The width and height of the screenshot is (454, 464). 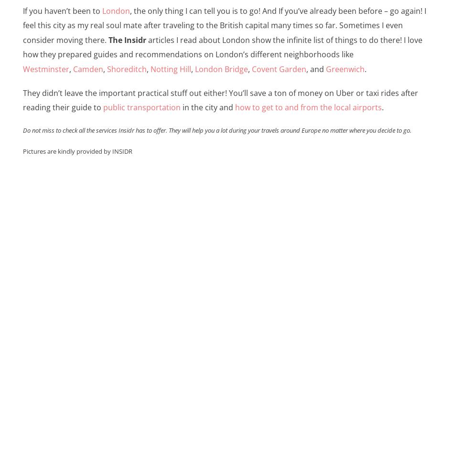 What do you see at coordinates (222, 46) in the screenshot?
I see `'articles I read about London show the infinite list of things to do there! I love how they prepared guides and recommendations on London’s different neighborhoods like'` at bounding box center [222, 46].